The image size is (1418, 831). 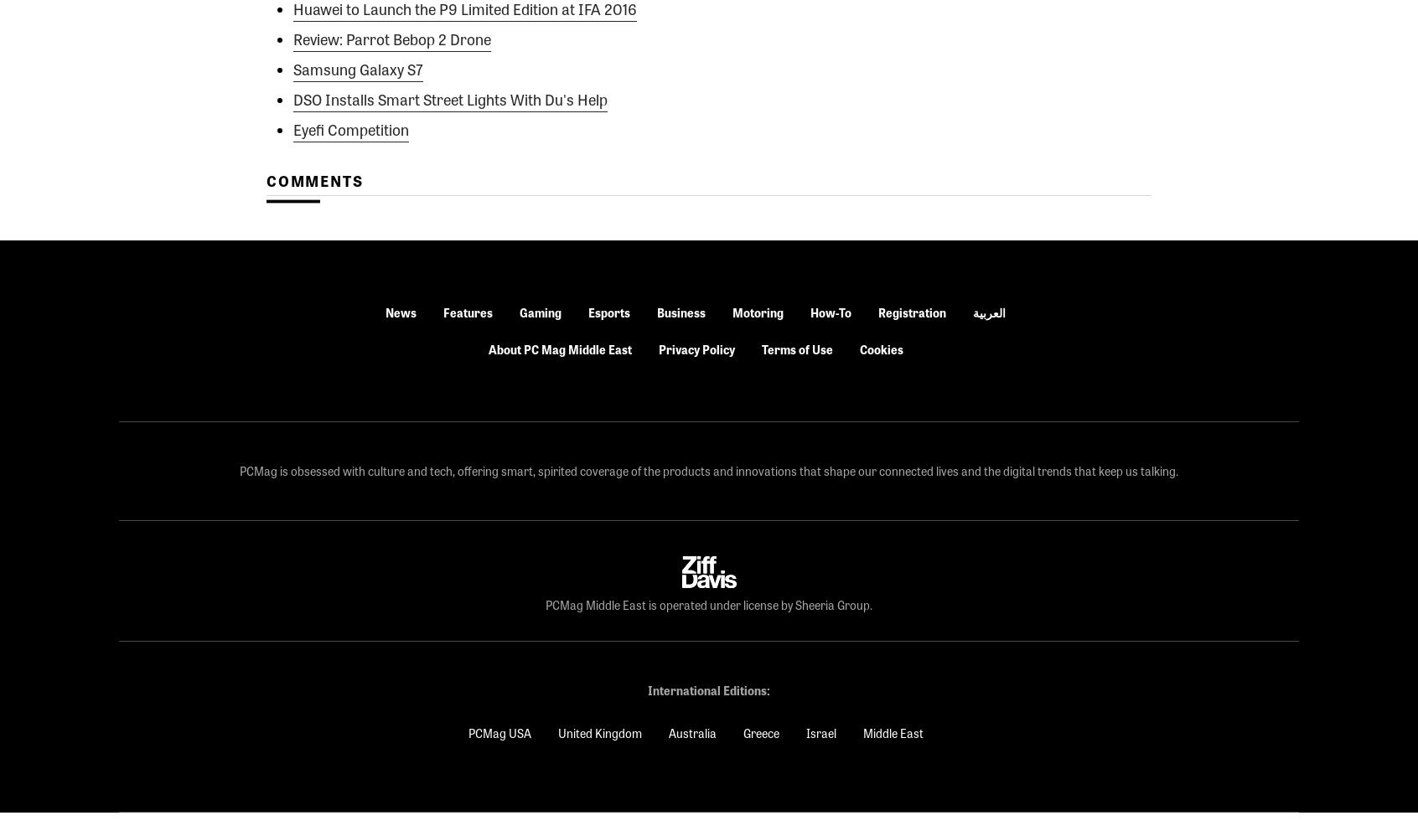 I want to click on 'PCMag is obsessed with culture and tech, offering smart, spirited coverage of the products and innovations that shape our connected lives and the digital trends that keep us talking.', so click(x=709, y=470).